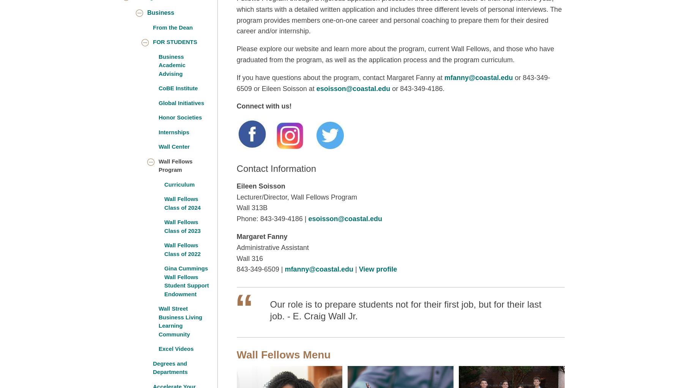  I want to click on 'Connect with us!', so click(264, 105).